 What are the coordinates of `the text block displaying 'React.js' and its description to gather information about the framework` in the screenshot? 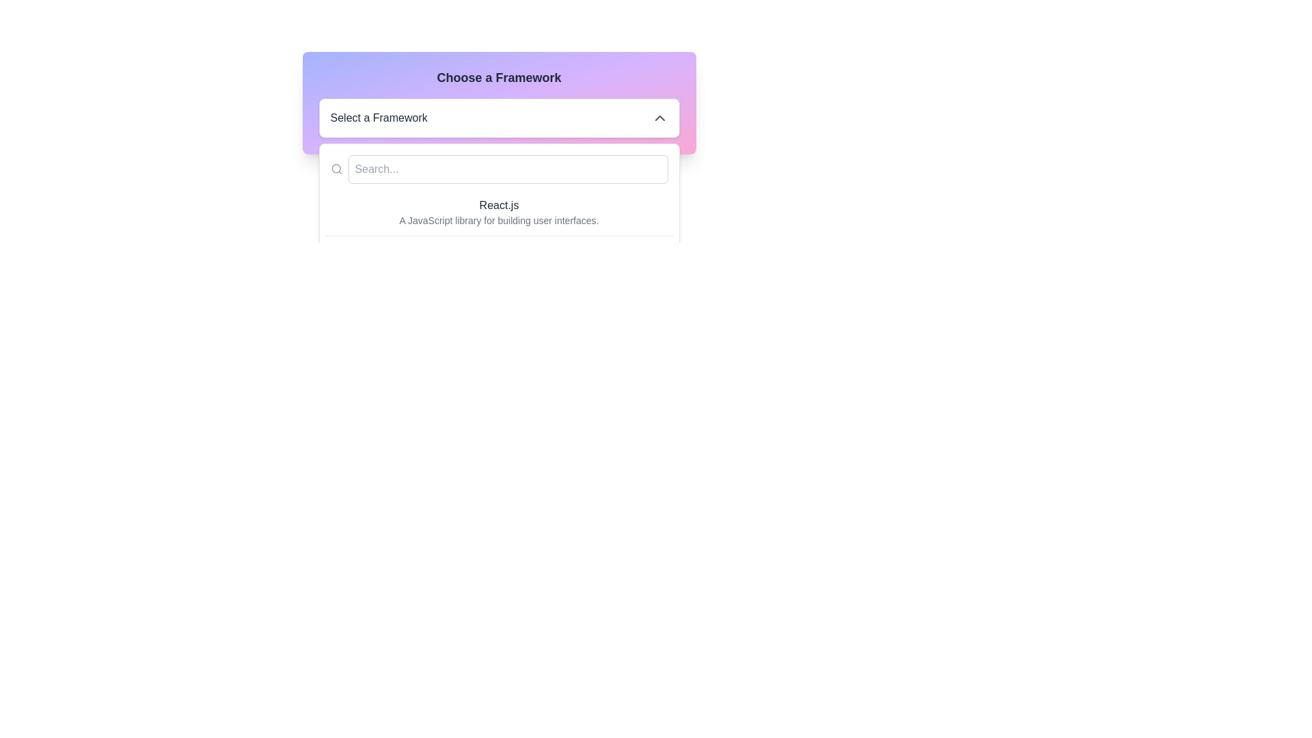 It's located at (498, 213).